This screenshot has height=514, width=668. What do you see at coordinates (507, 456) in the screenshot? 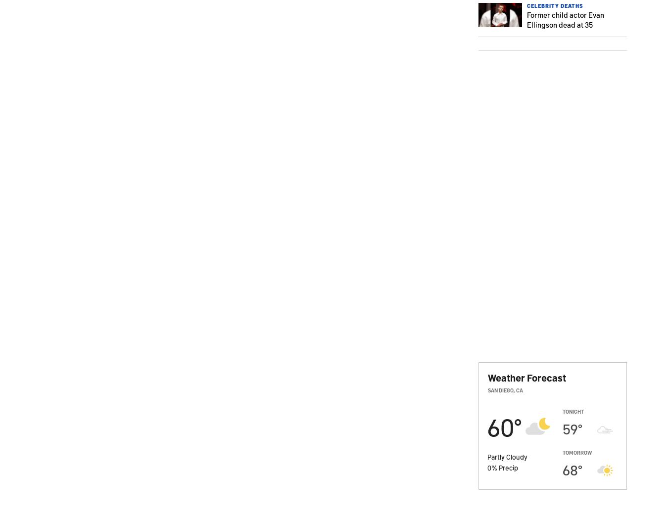
I see `'Partly Cloudy'` at bounding box center [507, 456].